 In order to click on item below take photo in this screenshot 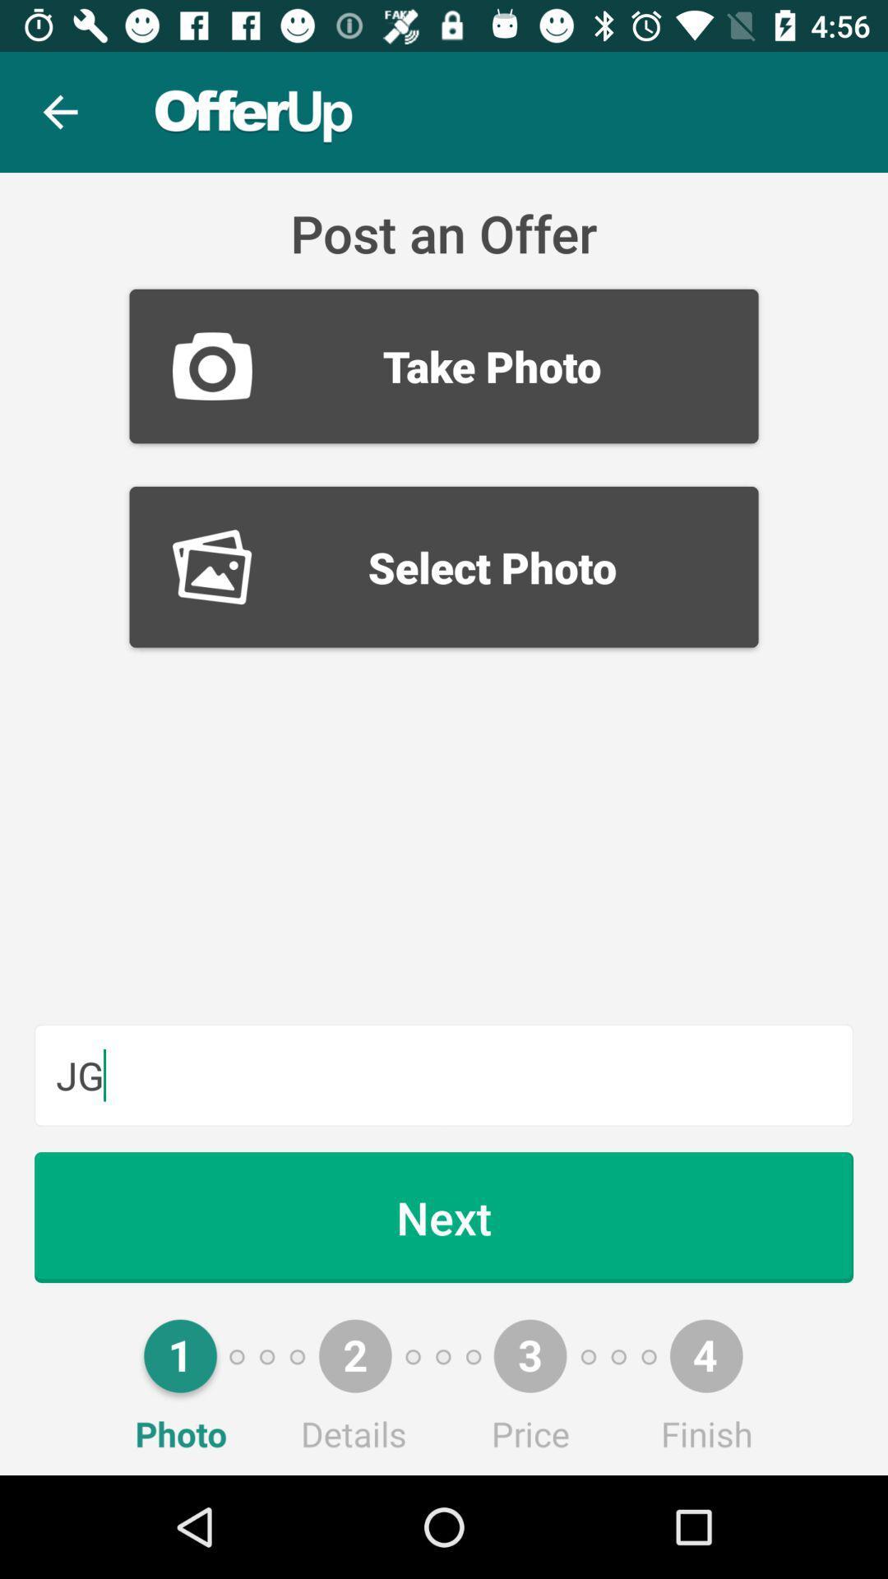, I will do `click(444, 567)`.